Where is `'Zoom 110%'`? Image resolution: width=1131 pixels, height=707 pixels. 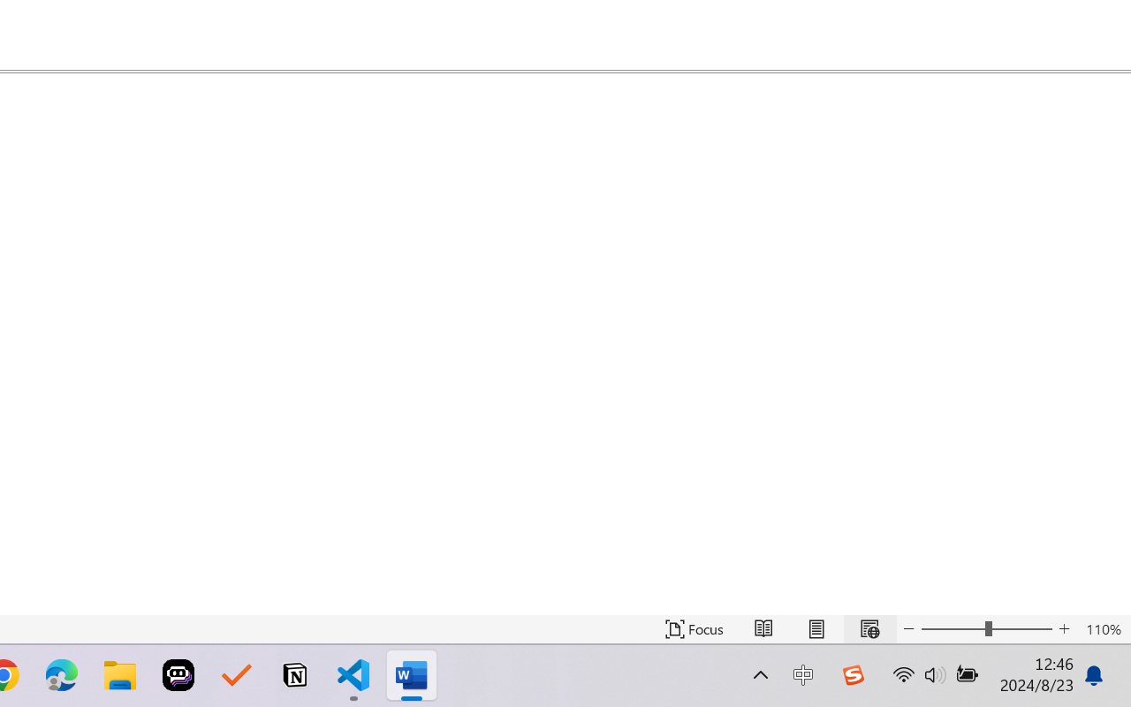
'Zoom 110%' is located at coordinates (1103, 628).